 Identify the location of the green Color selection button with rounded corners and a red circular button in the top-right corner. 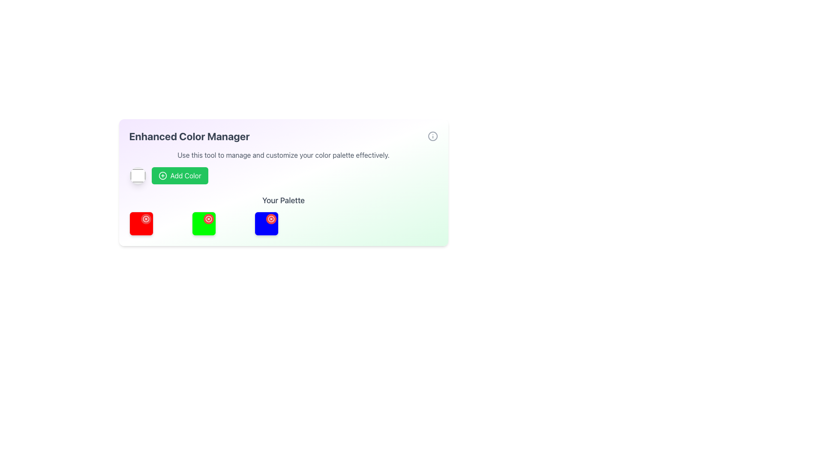
(203, 223).